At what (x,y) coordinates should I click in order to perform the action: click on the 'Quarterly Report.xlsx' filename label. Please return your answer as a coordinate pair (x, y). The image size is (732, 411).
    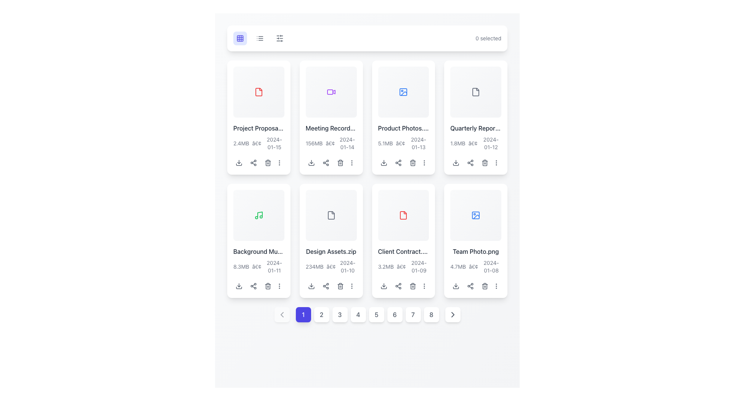
    Looking at the image, I should click on (475, 127).